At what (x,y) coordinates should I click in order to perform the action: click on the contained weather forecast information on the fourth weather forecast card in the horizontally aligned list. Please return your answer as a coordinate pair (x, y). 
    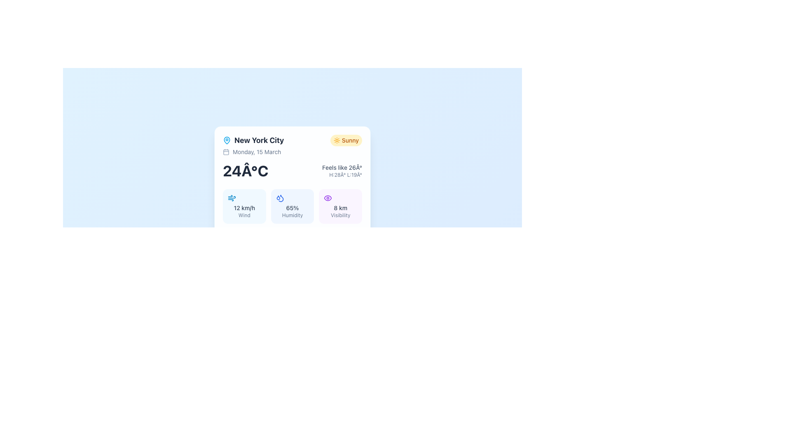
    Looking at the image, I should click on (324, 260).